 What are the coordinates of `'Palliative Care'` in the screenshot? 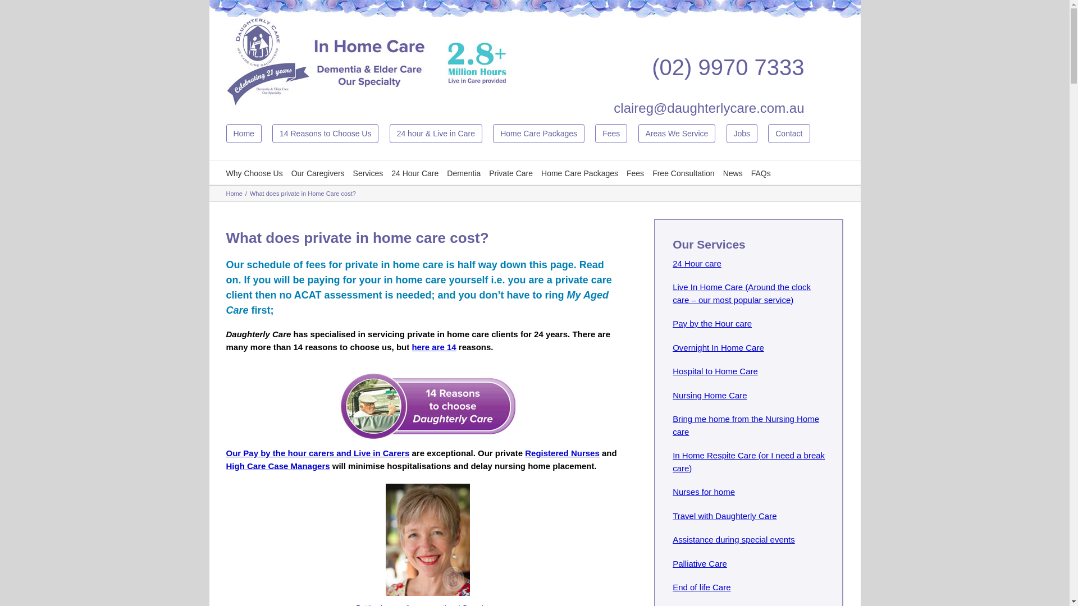 It's located at (699, 563).